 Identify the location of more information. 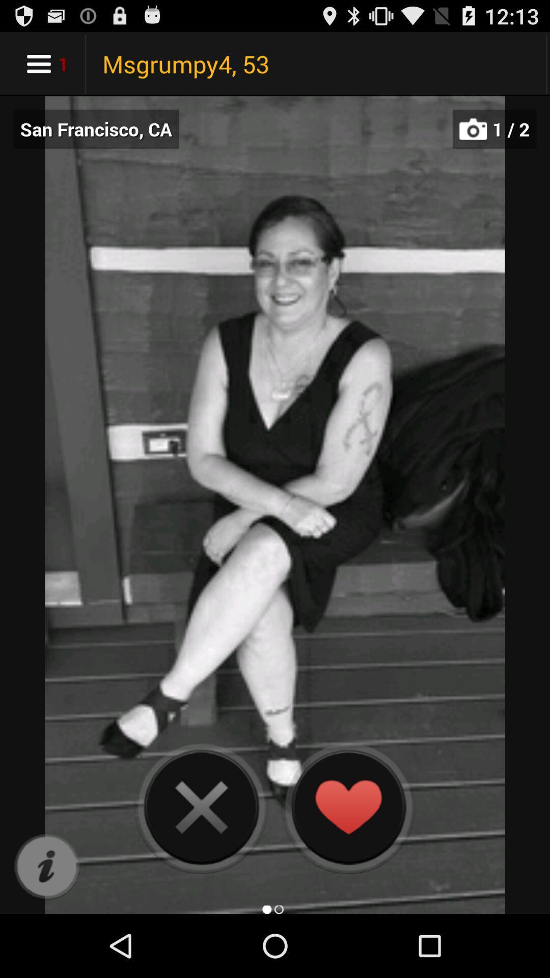
(46, 866).